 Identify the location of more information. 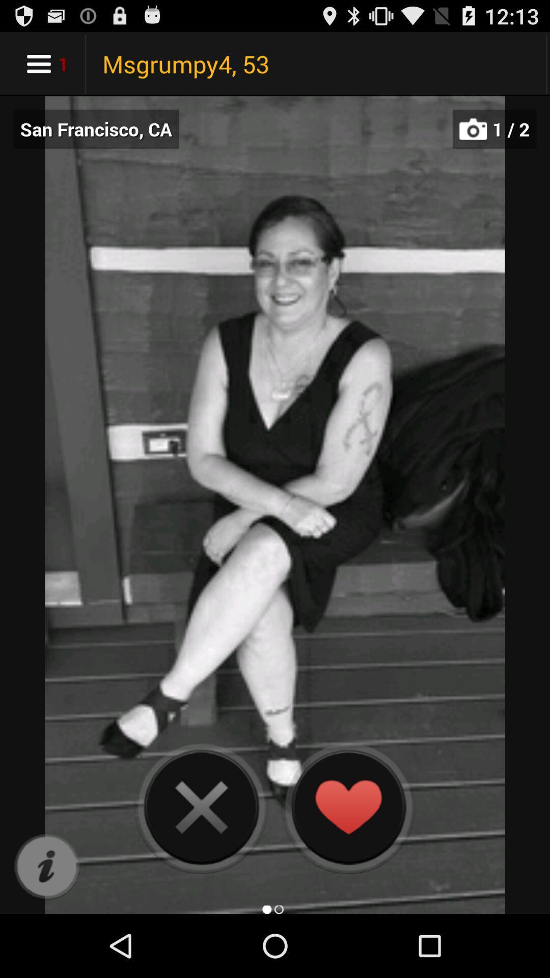
(46, 866).